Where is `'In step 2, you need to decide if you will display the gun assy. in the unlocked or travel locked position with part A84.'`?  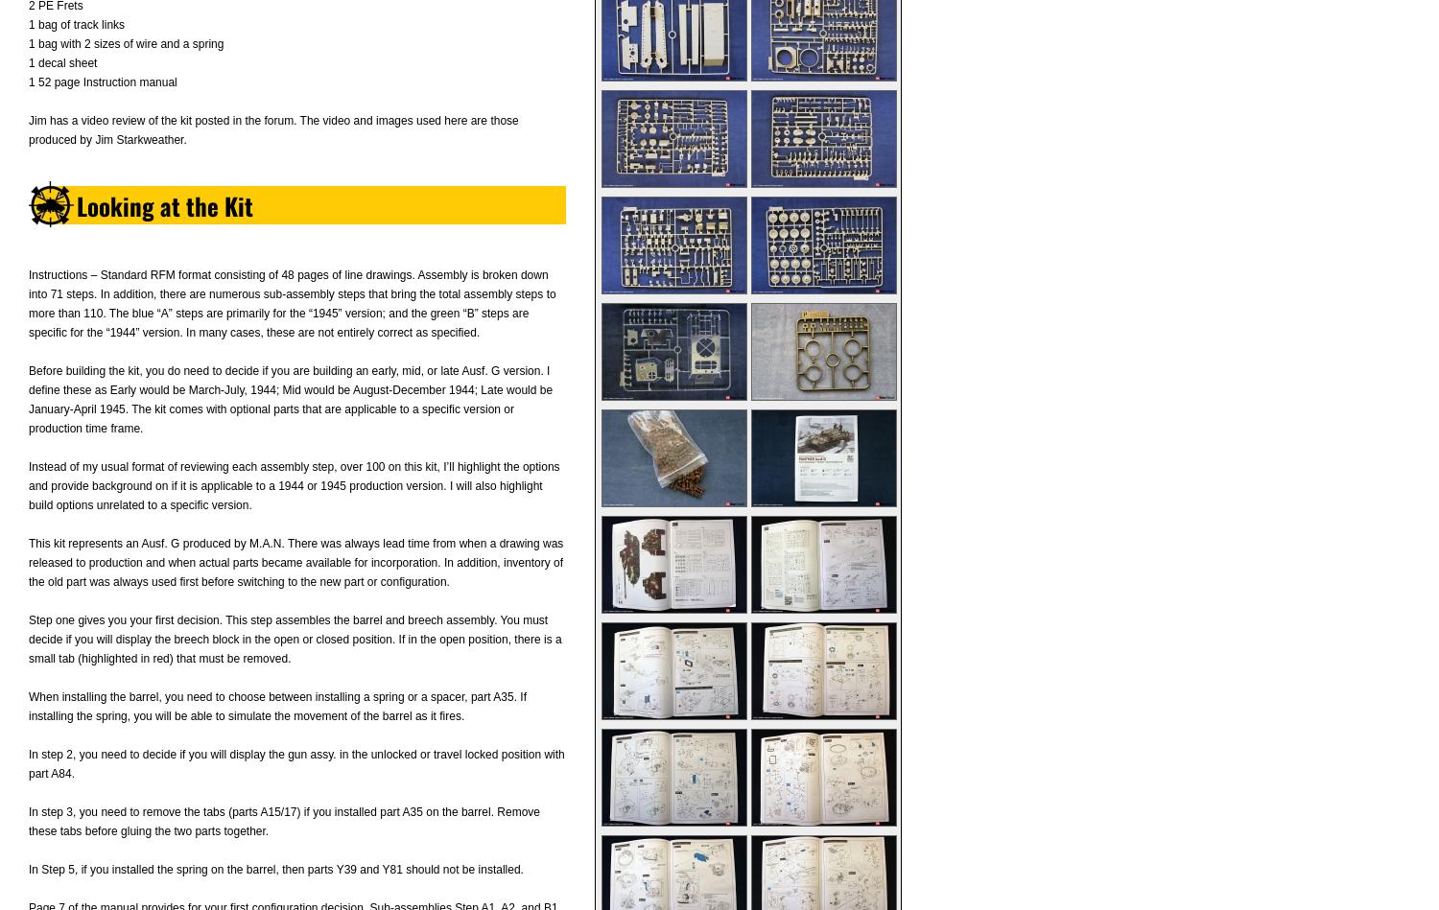
'In step 2, you need to decide if you will display the gun assy. in the unlocked or travel locked position with part A84.' is located at coordinates (296, 762).